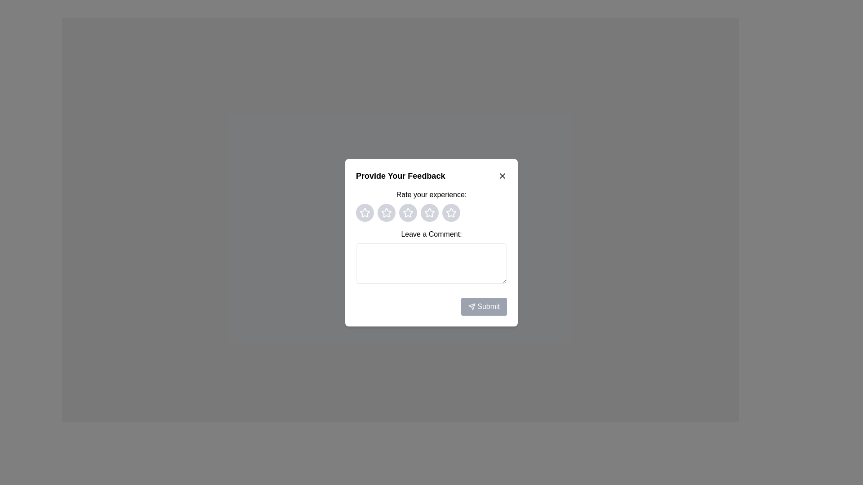 The image size is (863, 485). Describe the element at coordinates (429, 212) in the screenshot. I see `the third star icon in the 'Rate your experience' section` at that location.